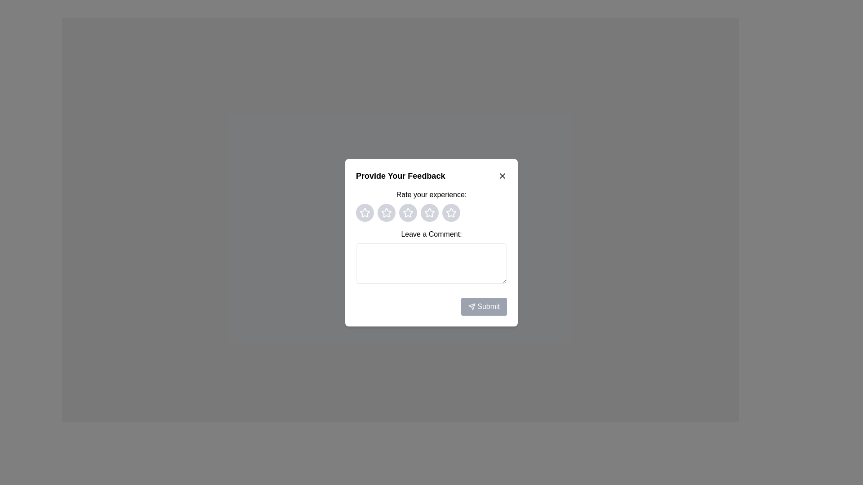 The image size is (863, 485). Describe the element at coordinates (429, 212) in the screenshot. I see `the third star icon in the 'Rate your experience' section` at that location.